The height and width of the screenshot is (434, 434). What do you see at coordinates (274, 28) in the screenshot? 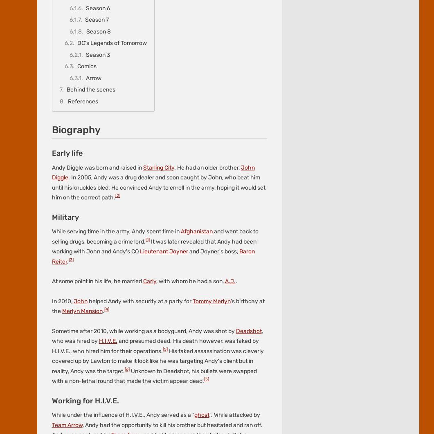
I see `'Do Not Sell or Share My Personal Information'` at bounding box center [274, 28].